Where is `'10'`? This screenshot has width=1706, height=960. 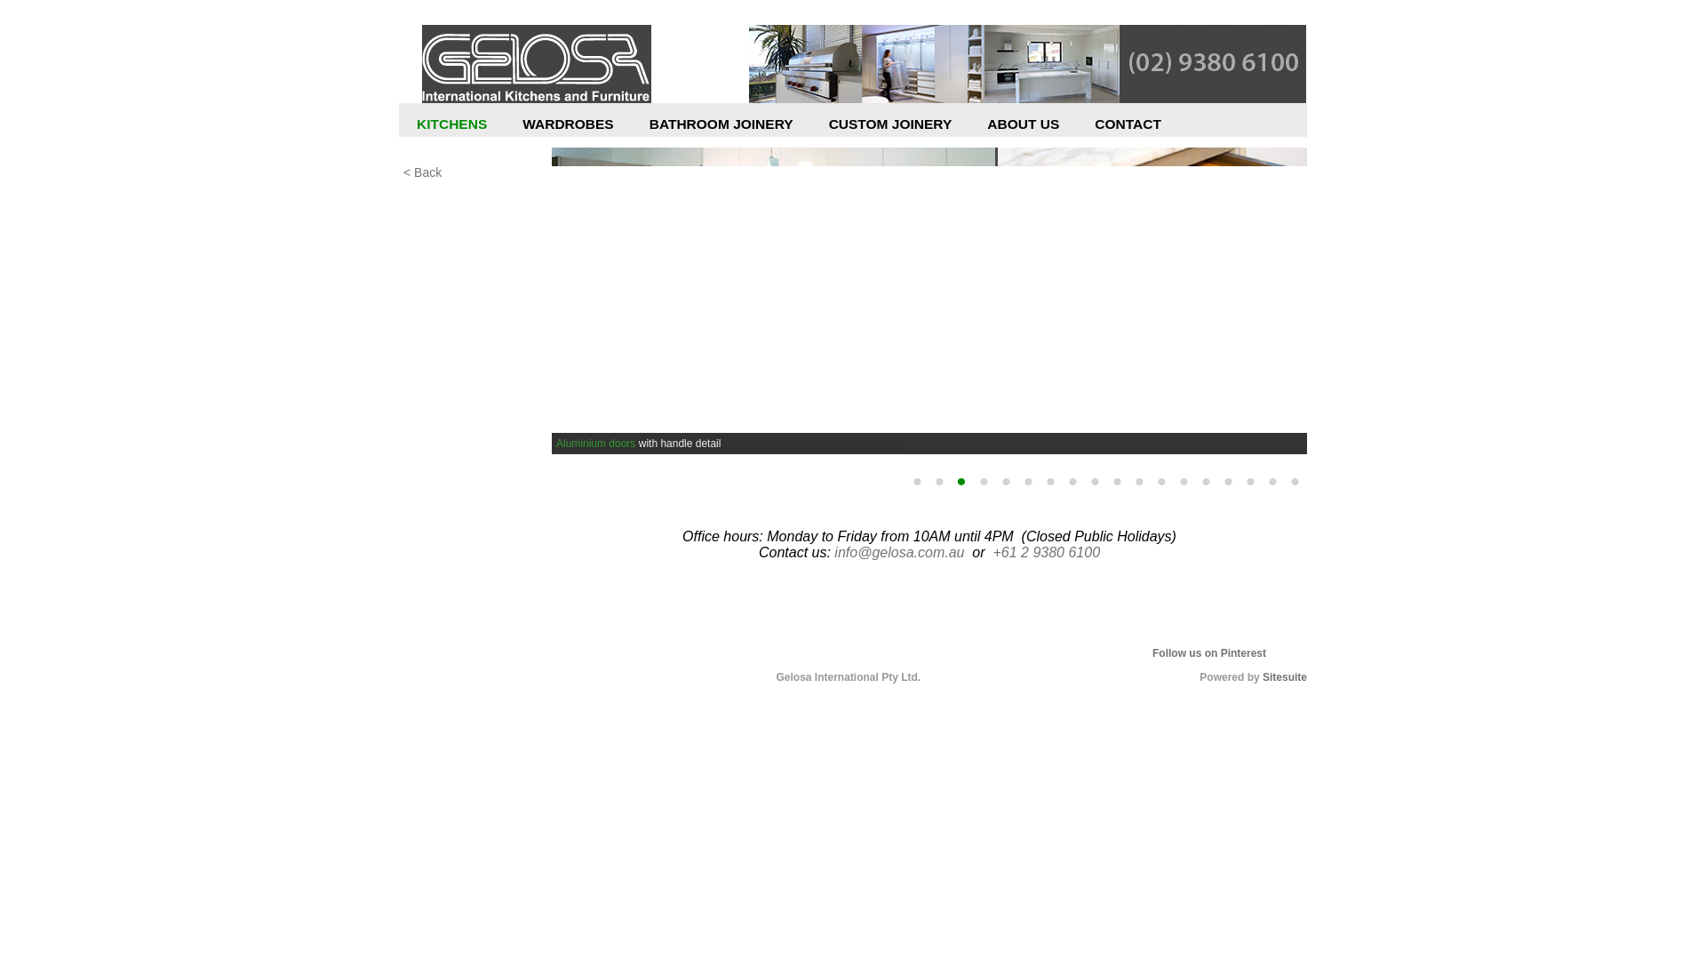
'10' is located at coordinates (1116, 482).